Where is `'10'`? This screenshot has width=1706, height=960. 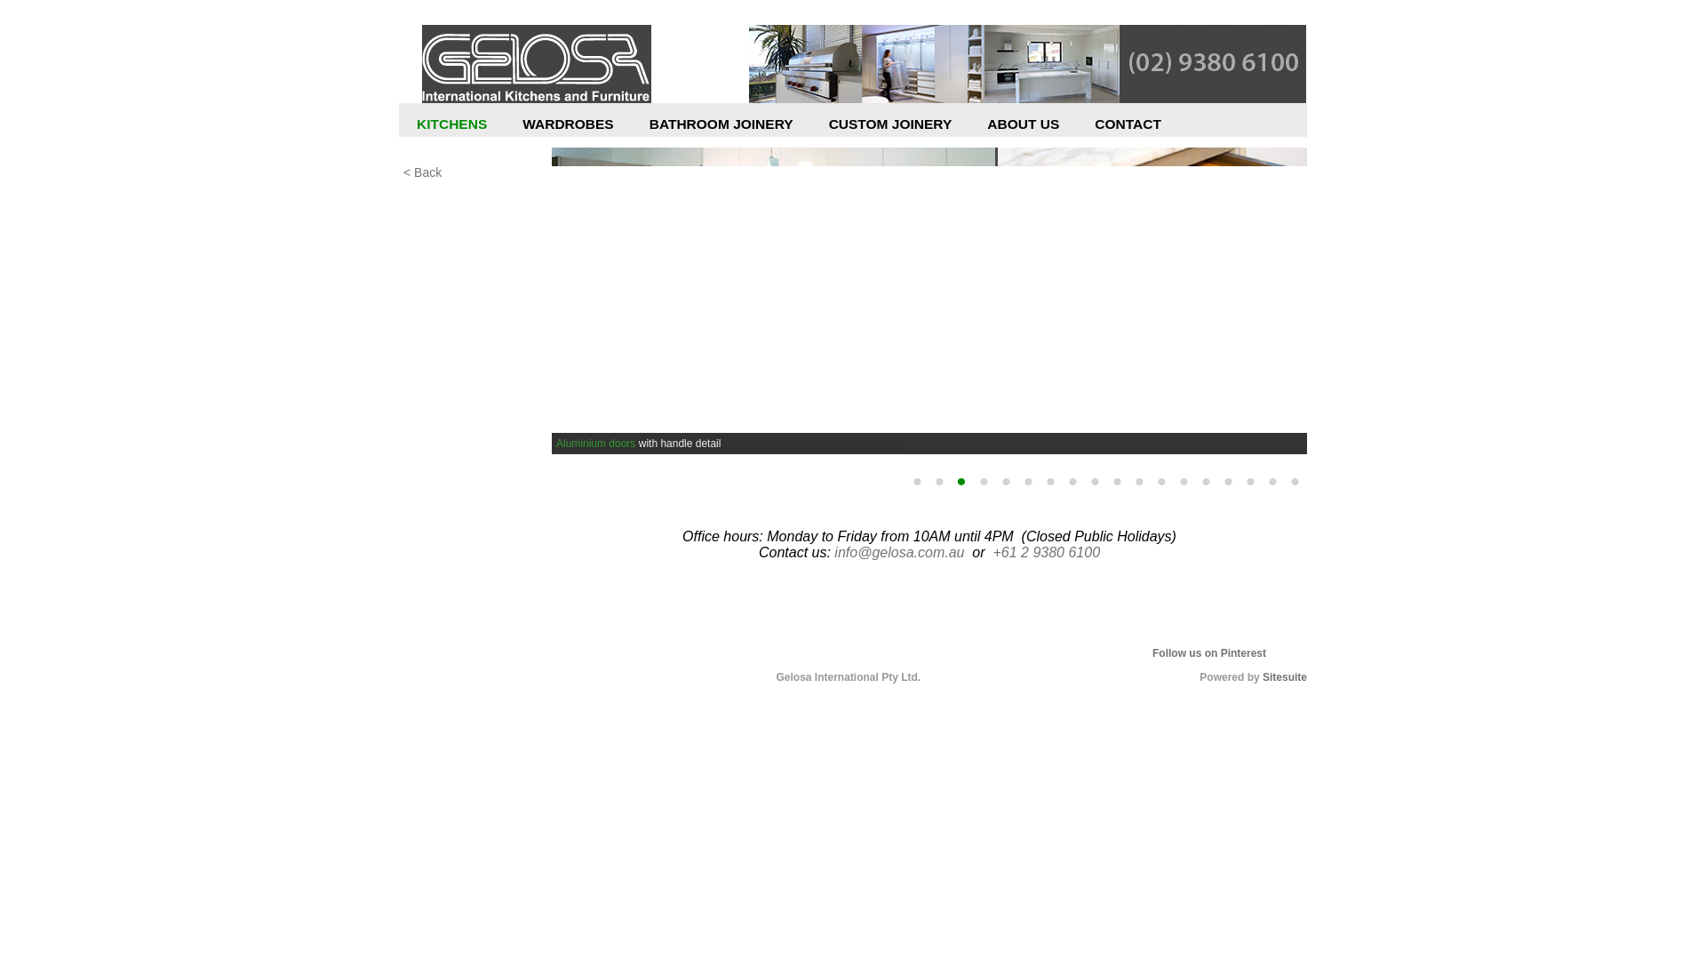
'10' is located at coordinates (1116, 482).